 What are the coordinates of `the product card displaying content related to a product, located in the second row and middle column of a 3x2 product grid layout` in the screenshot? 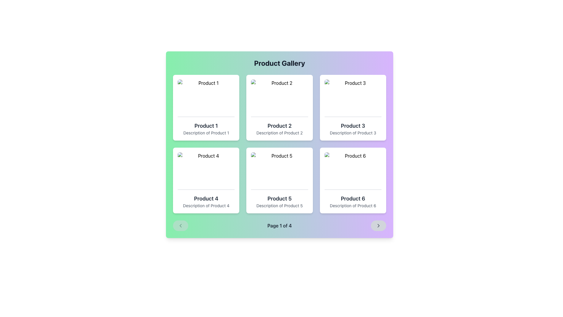 It's located at (279, 180).